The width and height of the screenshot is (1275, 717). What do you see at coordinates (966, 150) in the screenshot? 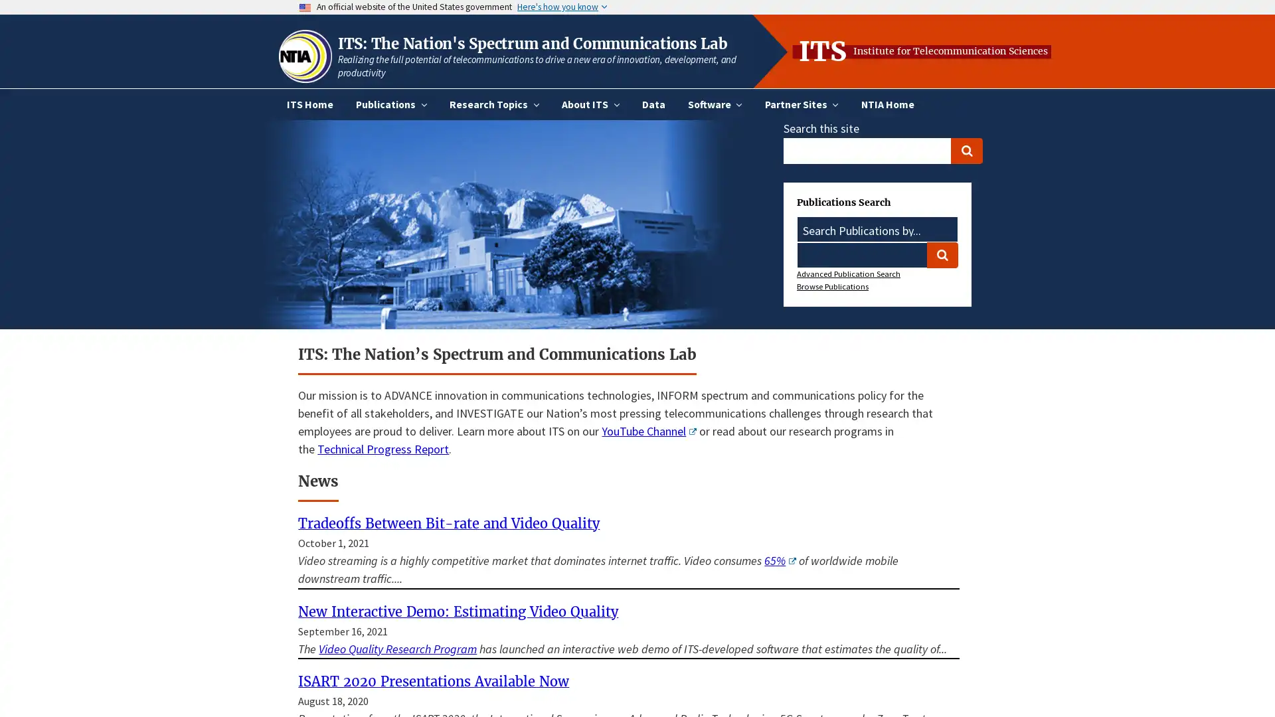
I see `Search` at bounding box center [966, 150].